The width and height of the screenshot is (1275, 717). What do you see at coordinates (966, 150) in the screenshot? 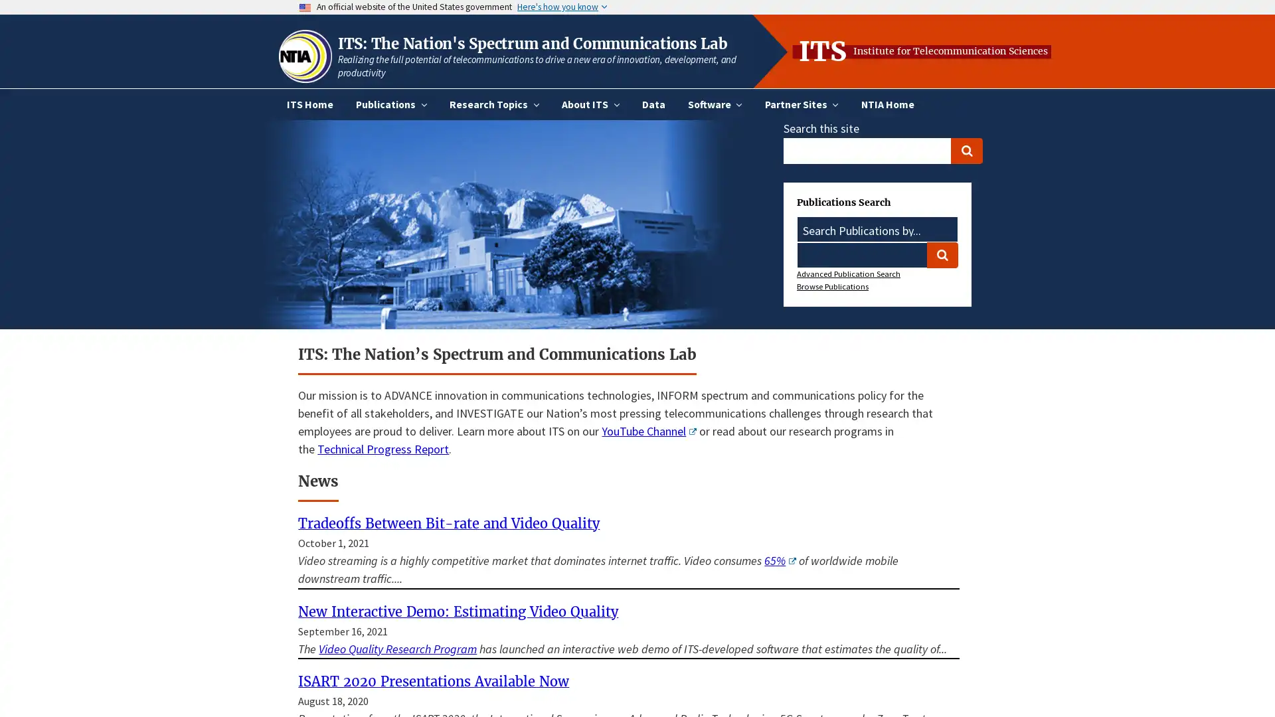
I see `Search` at bounding box center [966, 150].